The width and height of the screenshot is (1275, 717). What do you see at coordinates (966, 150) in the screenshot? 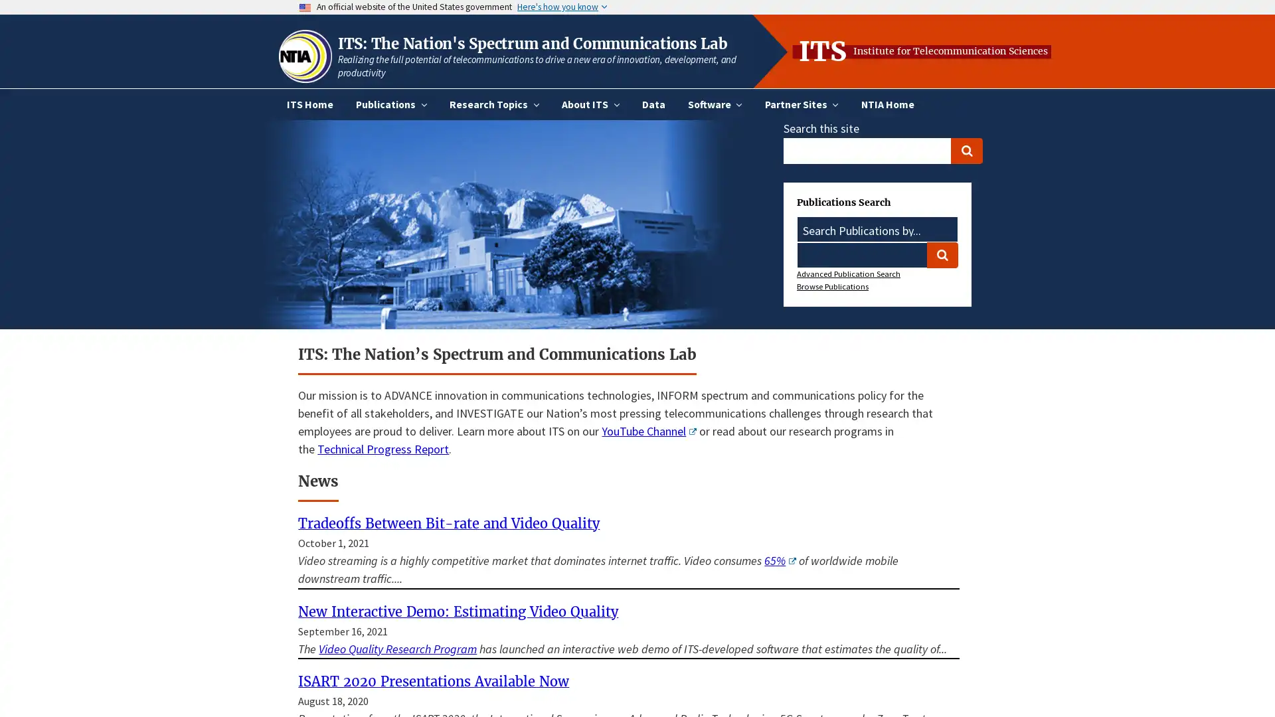
I see `Search` at bounding box center [966, 150].